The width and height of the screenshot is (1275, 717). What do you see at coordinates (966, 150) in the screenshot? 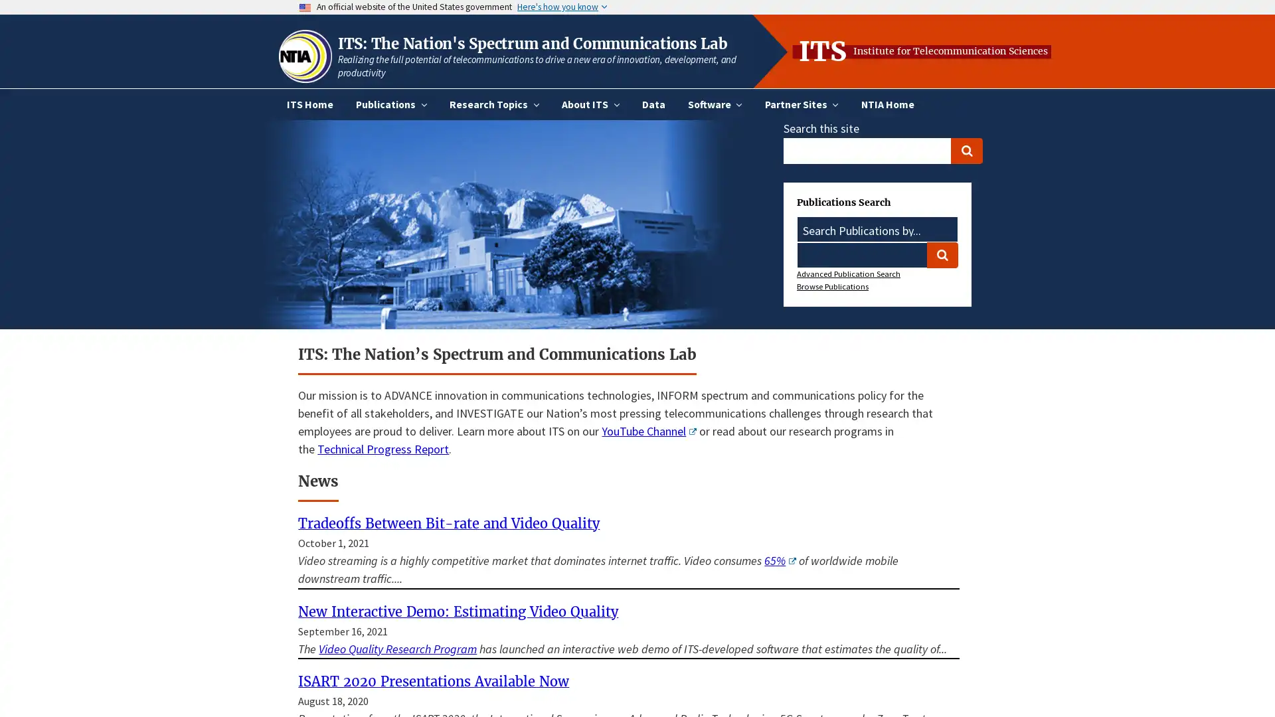
I see `Search` at bounding box center [966, 150].